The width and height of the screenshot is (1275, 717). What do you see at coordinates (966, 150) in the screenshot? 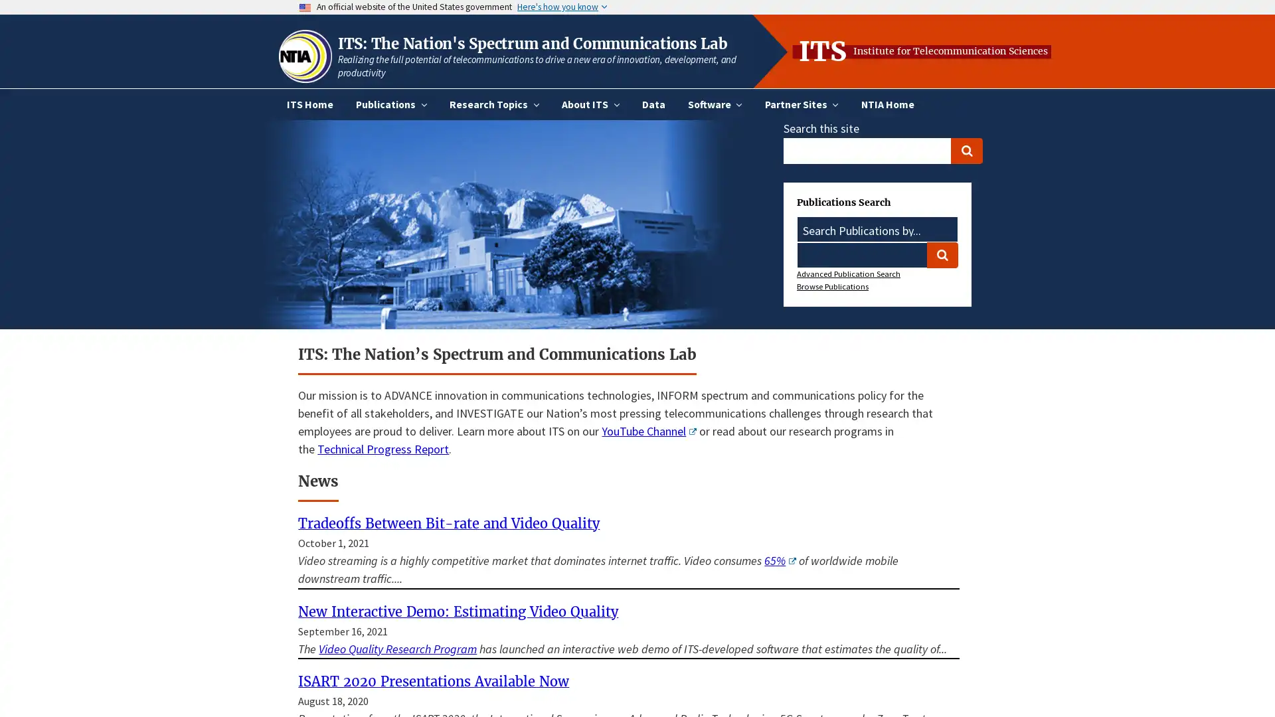
I see `Search` at bounding box center [966, 150].